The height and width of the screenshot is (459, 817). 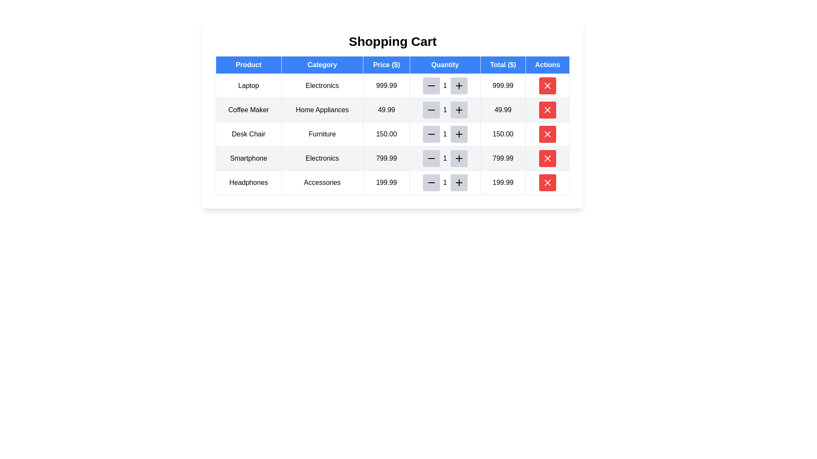 I want to click on the numeric display element showing the value '1' in the quantity selector for the 'Smartphone' row of the shopping cart, so click(x=445, y=159).